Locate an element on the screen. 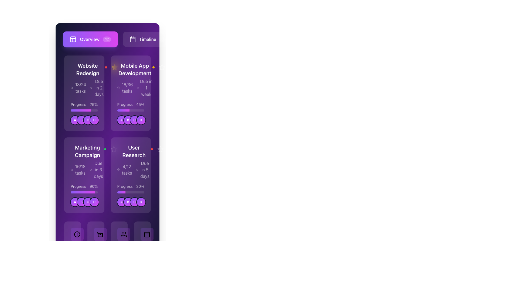  the second project card in the upper section of the interface is located at coordinates (135, 80).